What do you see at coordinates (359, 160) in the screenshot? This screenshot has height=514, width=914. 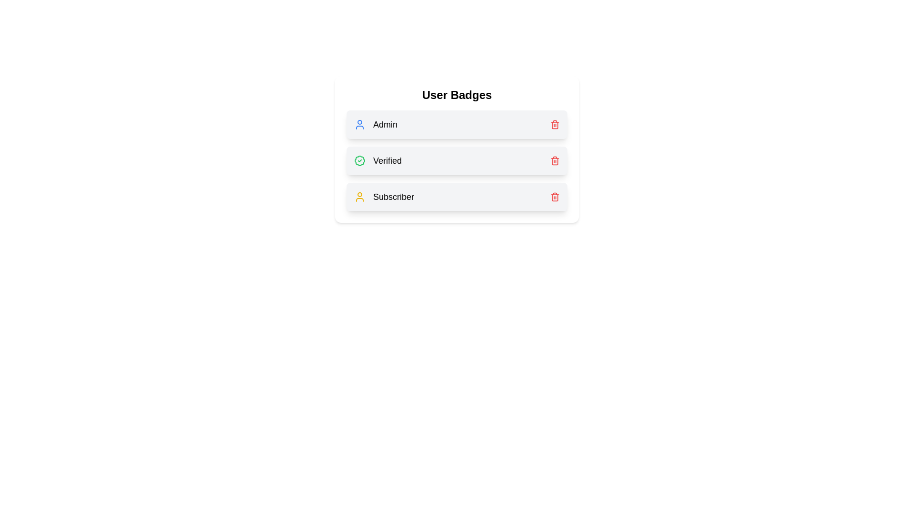 I see `the badge icon for Verified` at bounding box center [359, 160].